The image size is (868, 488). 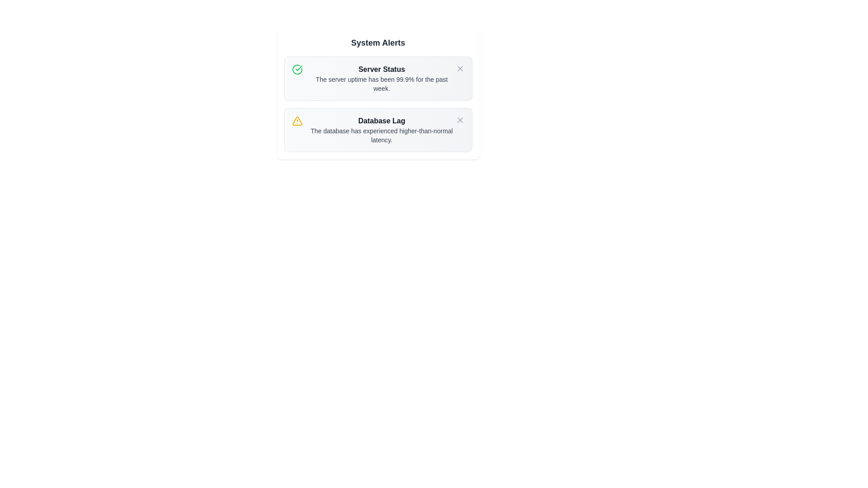 What do you see at coordinates (378, 78) in the screenshot?
I see `the alert to focus on its content` at bounding box center [378, 78].